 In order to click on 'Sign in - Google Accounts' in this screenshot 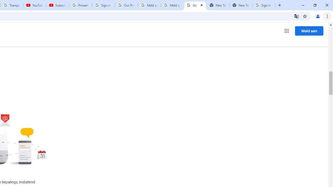, I will do `click(104, 5)`.